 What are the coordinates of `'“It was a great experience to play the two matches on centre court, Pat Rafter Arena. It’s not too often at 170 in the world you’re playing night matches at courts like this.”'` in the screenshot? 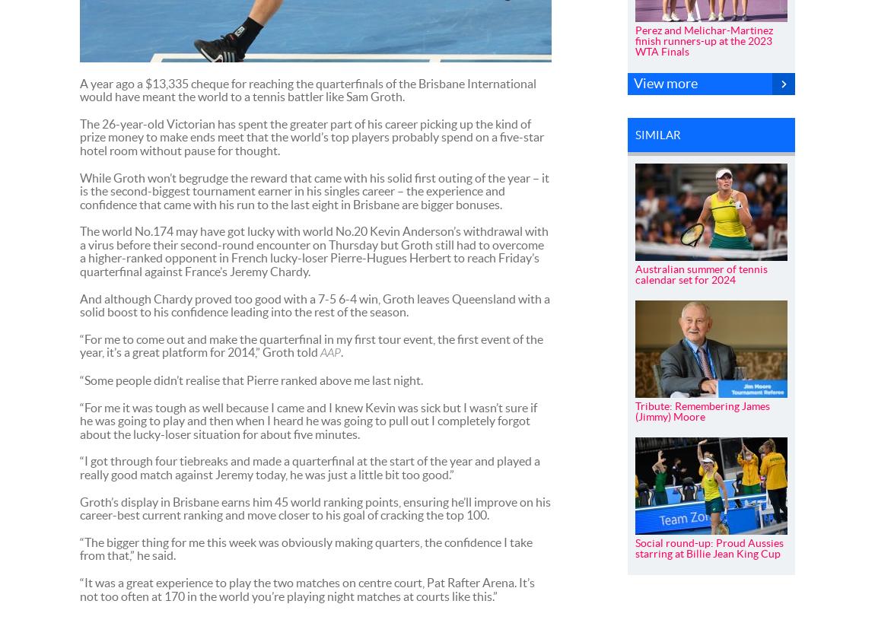 It's located at (307, 589).